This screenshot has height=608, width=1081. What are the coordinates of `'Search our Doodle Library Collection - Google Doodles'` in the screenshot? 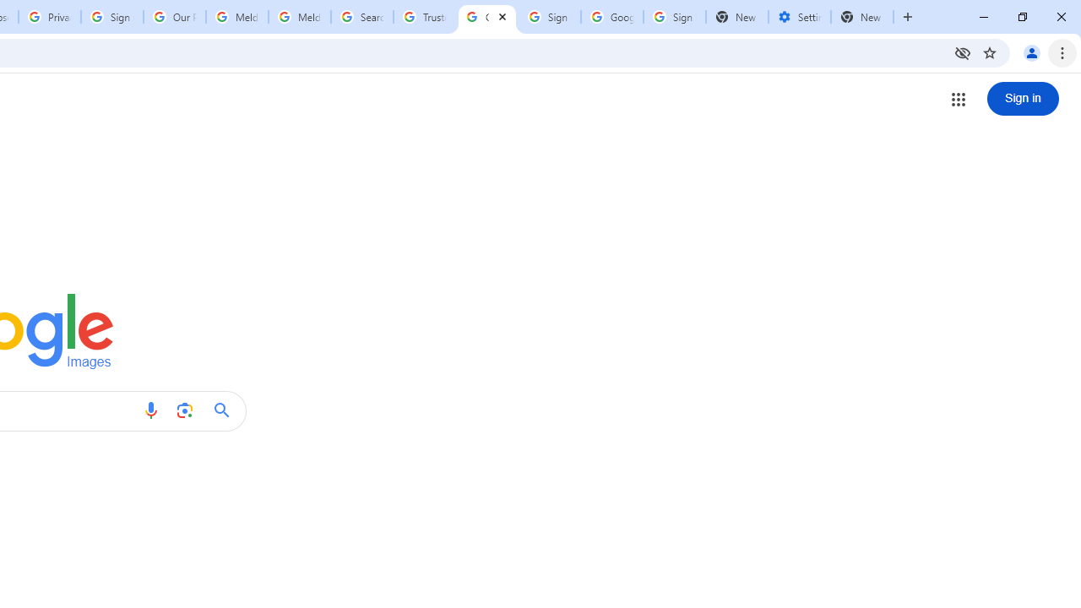 It's located at (361, 17).